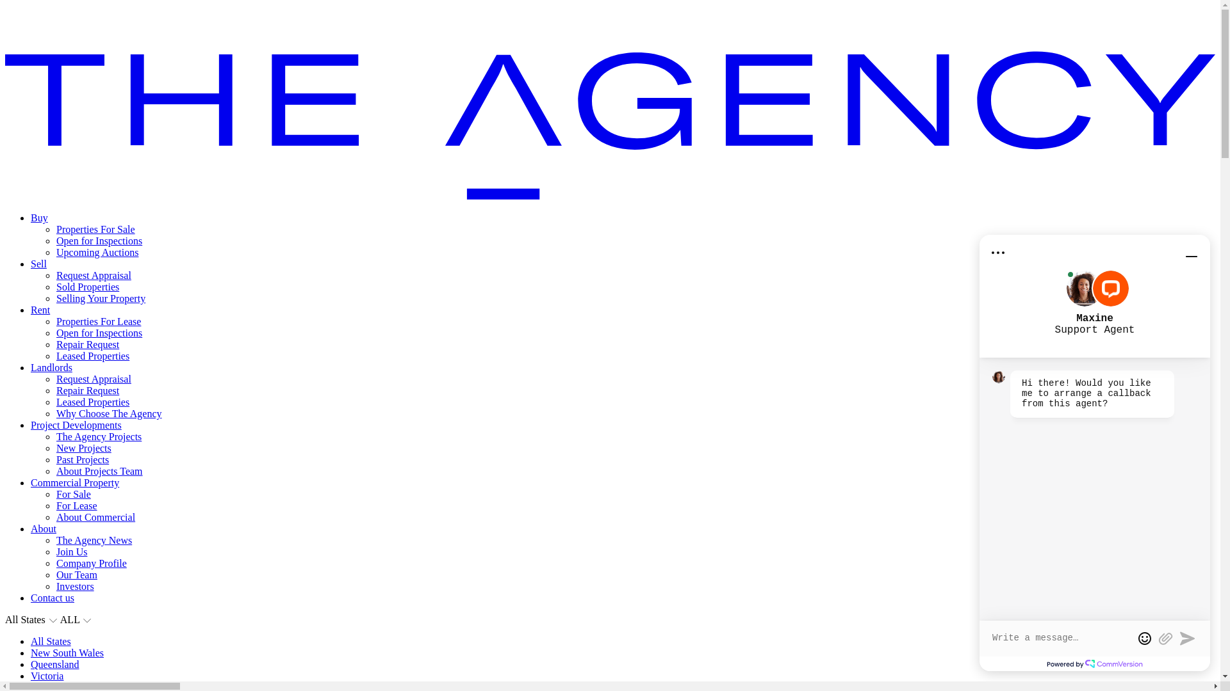 This screenshot has width=1230, height=691. I want to click on 'About Commercial', so click(55, 516).